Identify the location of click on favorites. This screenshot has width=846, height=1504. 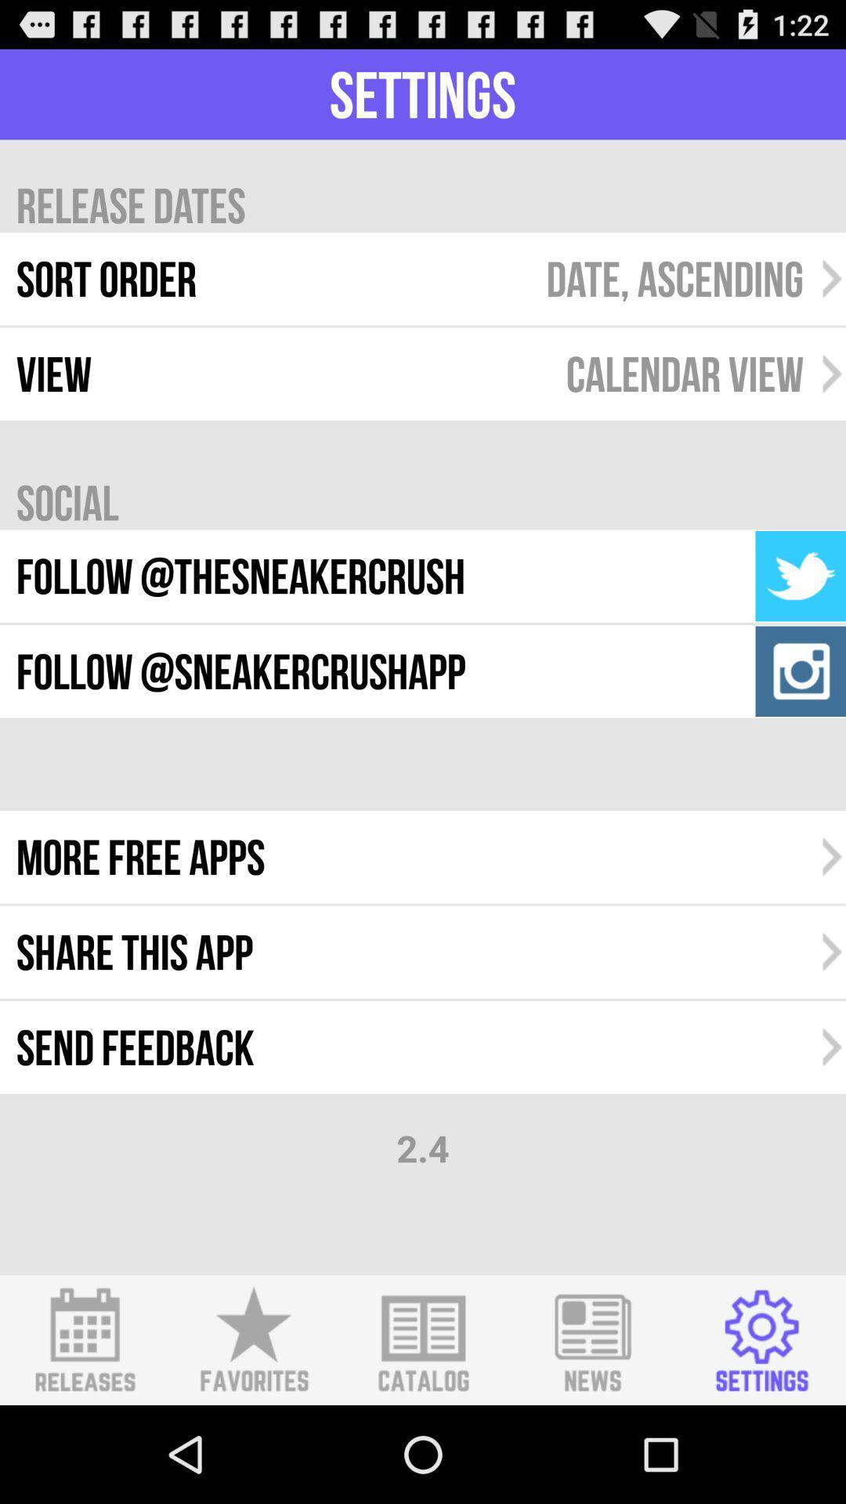
(253, 1339).